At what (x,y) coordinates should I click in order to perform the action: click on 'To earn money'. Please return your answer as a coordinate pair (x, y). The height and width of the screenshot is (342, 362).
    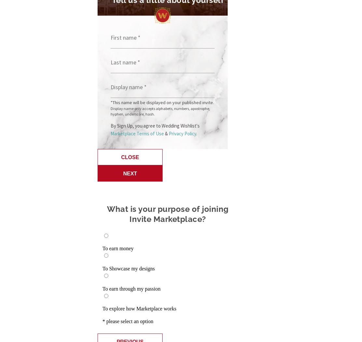
    Looking at the image, I should click on (118, 248).